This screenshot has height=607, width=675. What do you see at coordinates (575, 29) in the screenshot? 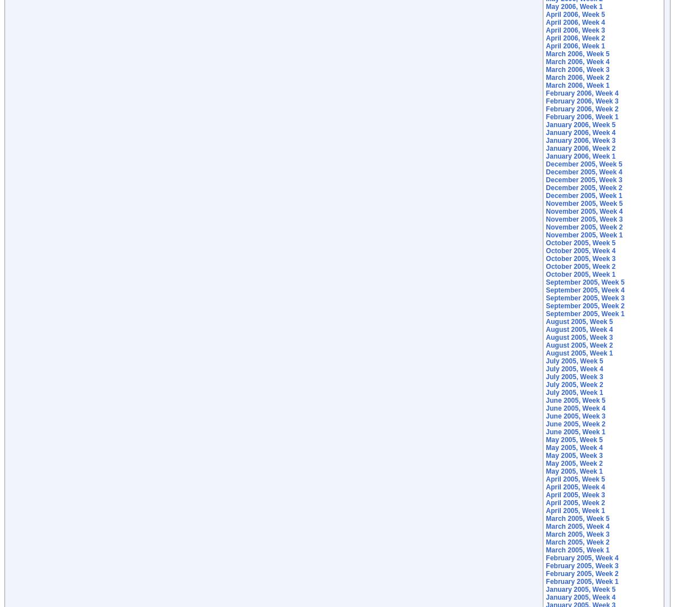
I see `'April 2006, Week 3'` at bounding box center [575, 29].